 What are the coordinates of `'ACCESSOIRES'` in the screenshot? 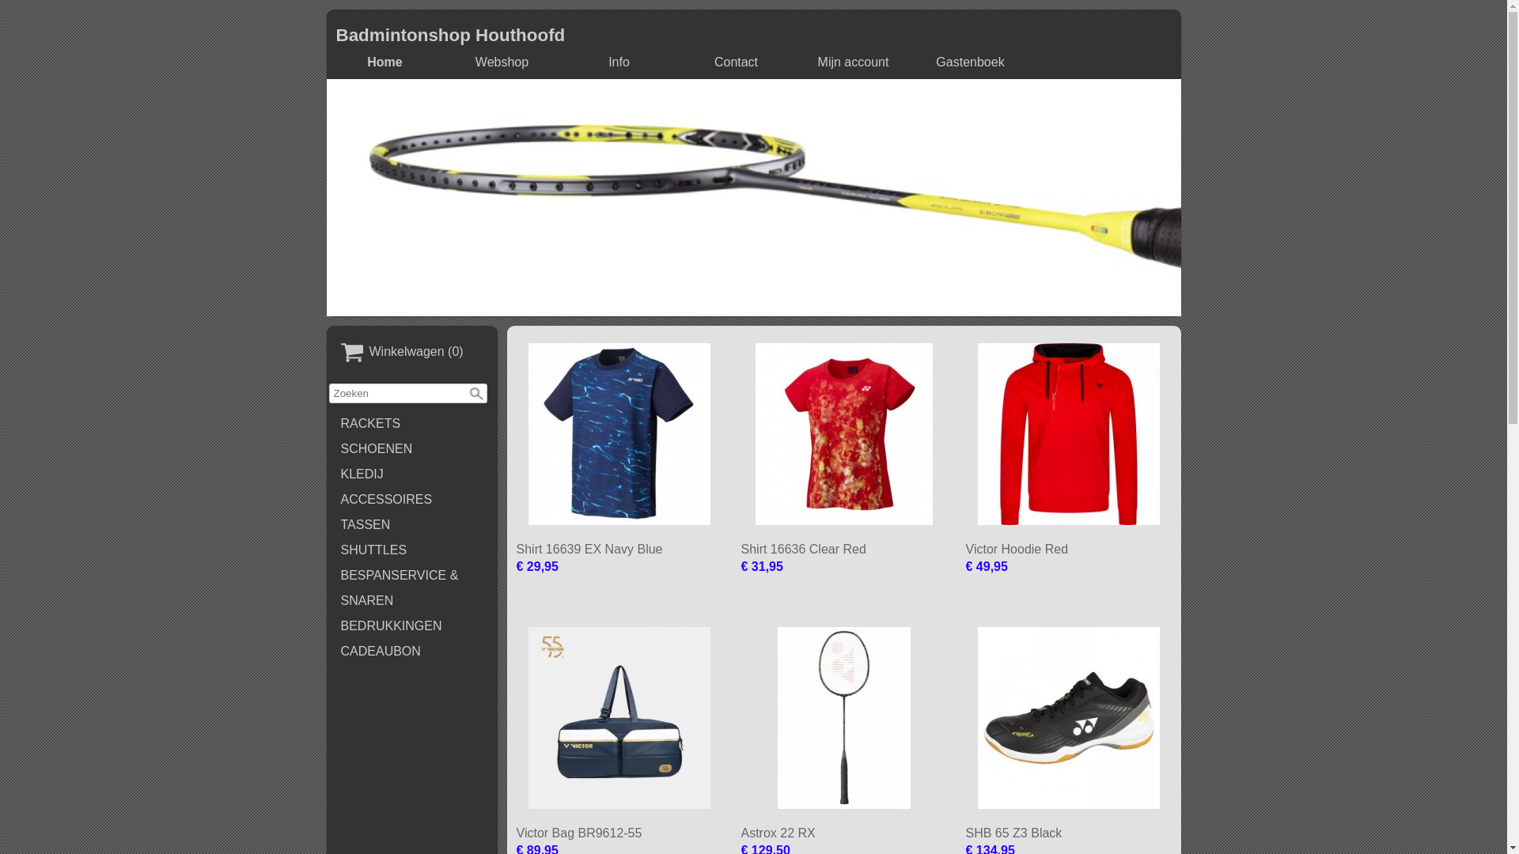 It's located at (412, 500).